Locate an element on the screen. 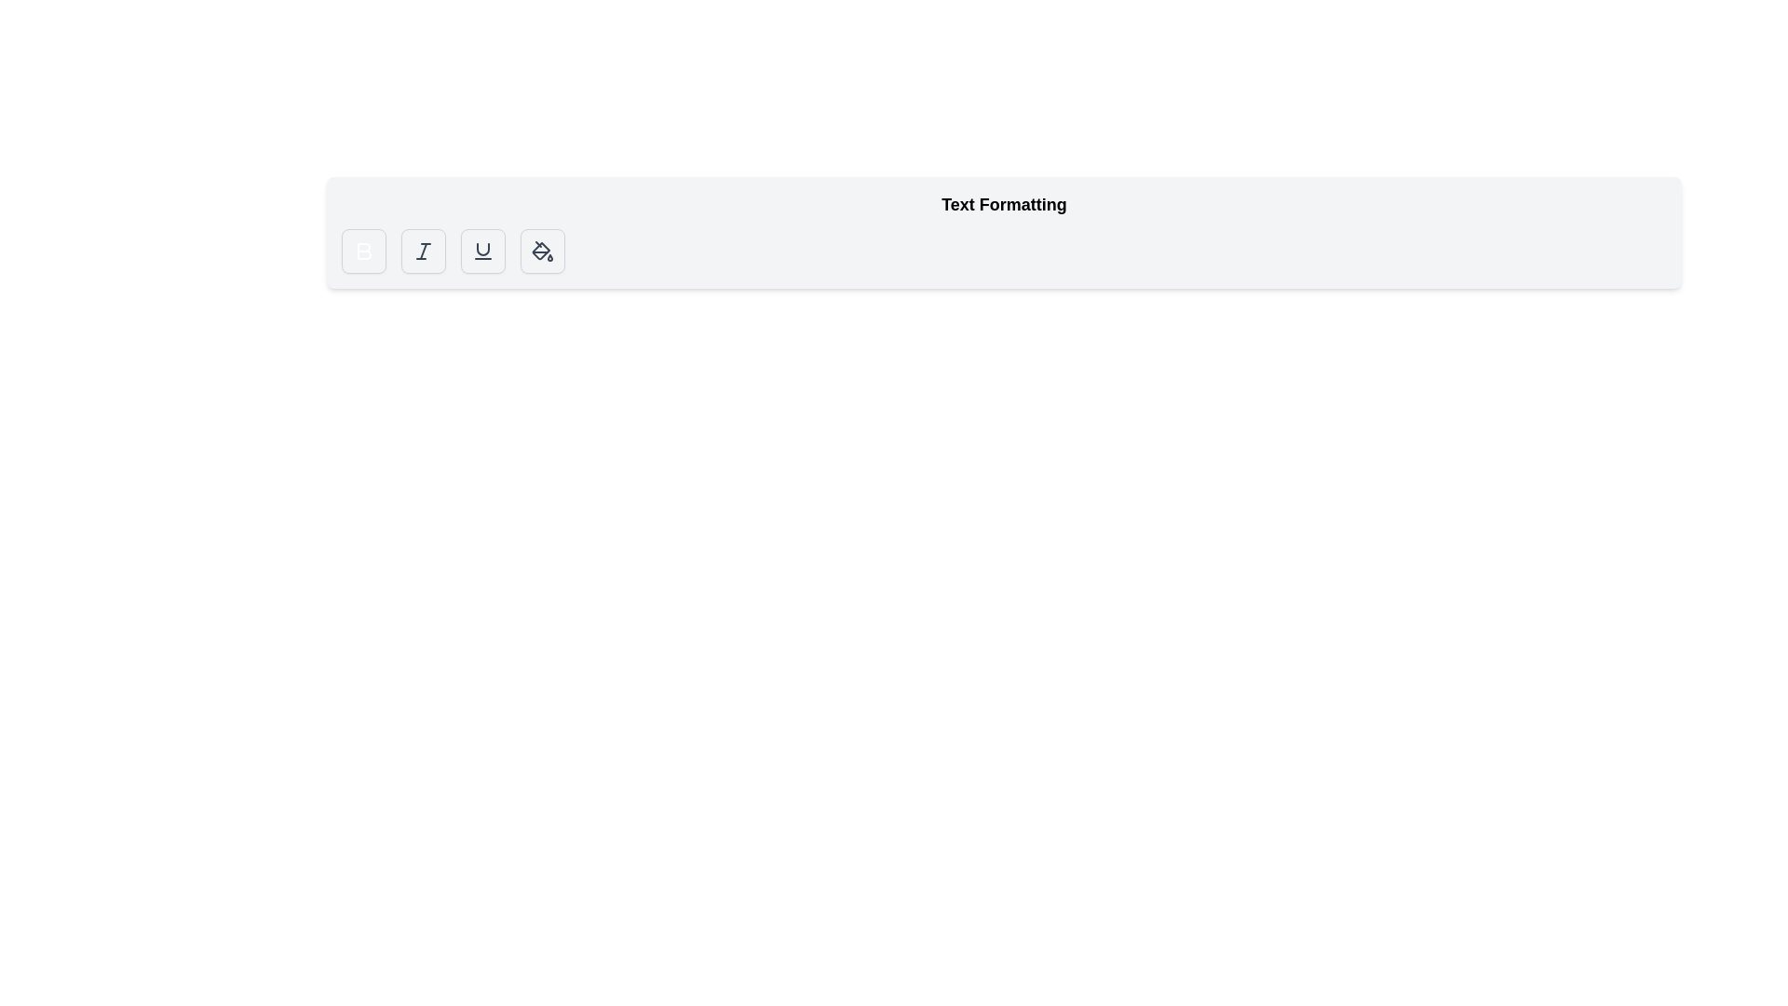 The image size is (1788, 1006). the italic formatting icon within the second button of a group of four buttons at the top of the interface is located at coordinates (423, 251).